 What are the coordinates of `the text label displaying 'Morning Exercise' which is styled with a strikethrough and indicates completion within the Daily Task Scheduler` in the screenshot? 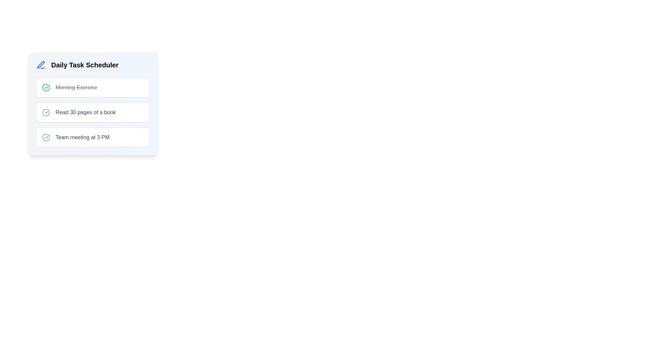 It's located at (76, 87).